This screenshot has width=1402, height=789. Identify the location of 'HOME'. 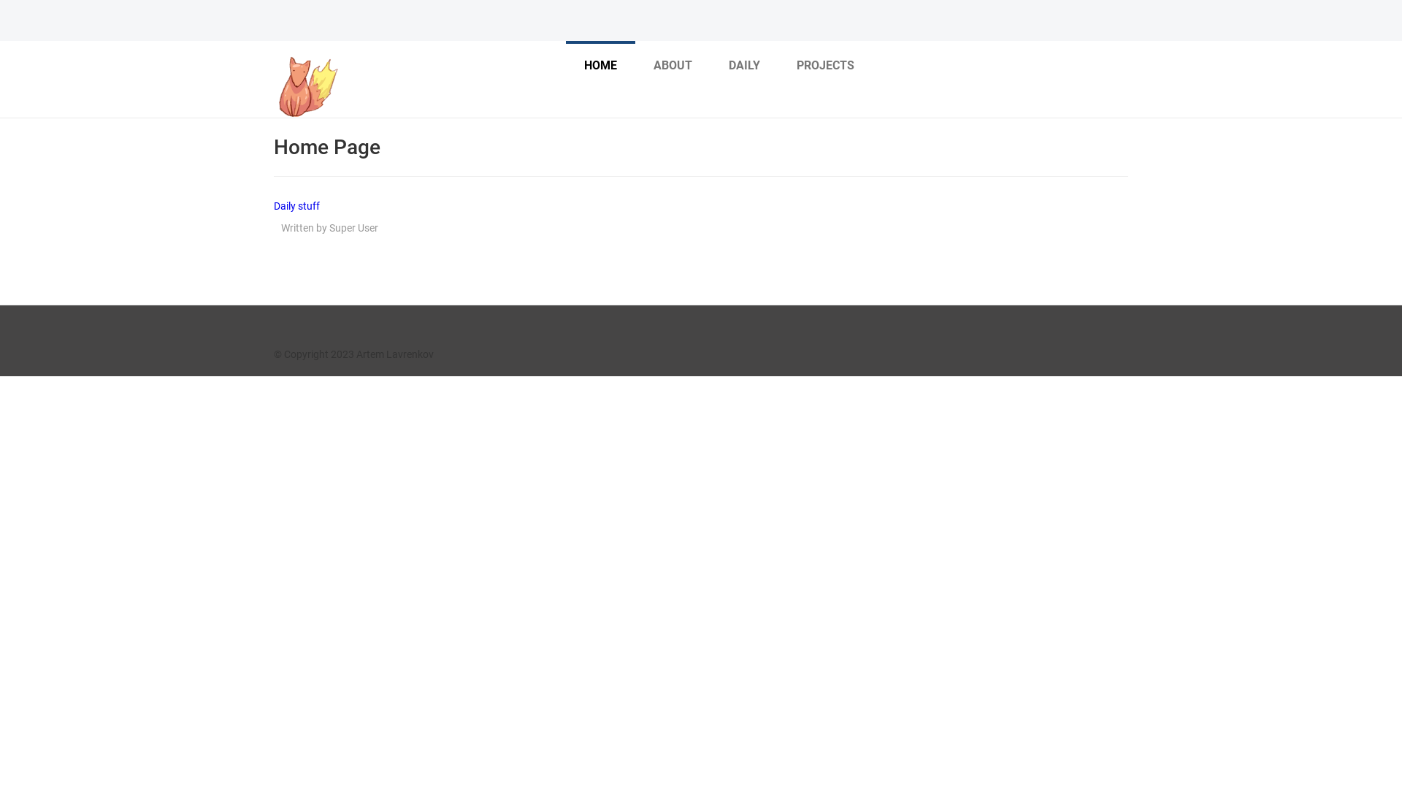
(600, 64).